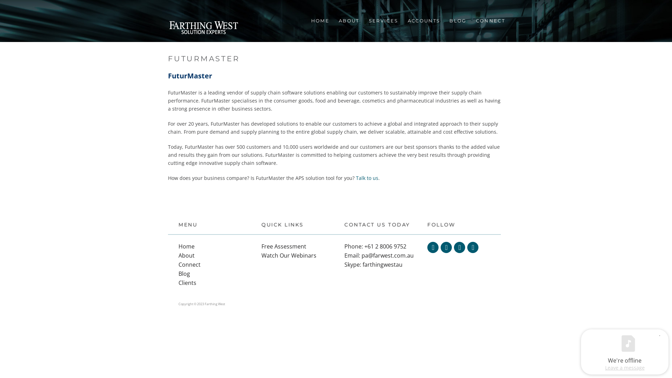  Describe the element at coordinates (367, 177) in the screenshot. I see `'Talk to us'` at that location.